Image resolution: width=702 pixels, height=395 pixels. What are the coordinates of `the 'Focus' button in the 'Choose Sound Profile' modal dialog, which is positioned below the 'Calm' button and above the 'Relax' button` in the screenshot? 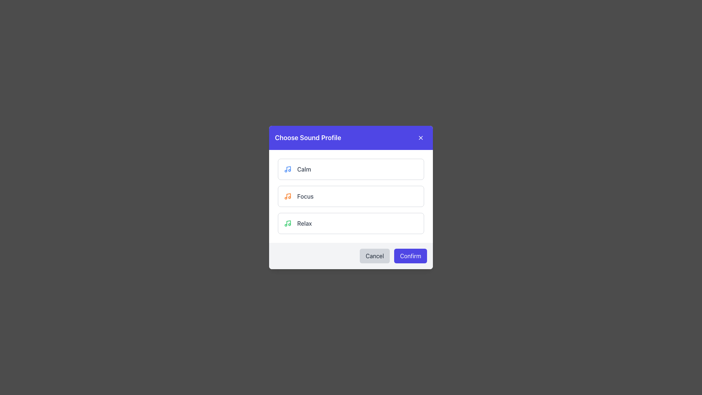 It's located at (351, 196).